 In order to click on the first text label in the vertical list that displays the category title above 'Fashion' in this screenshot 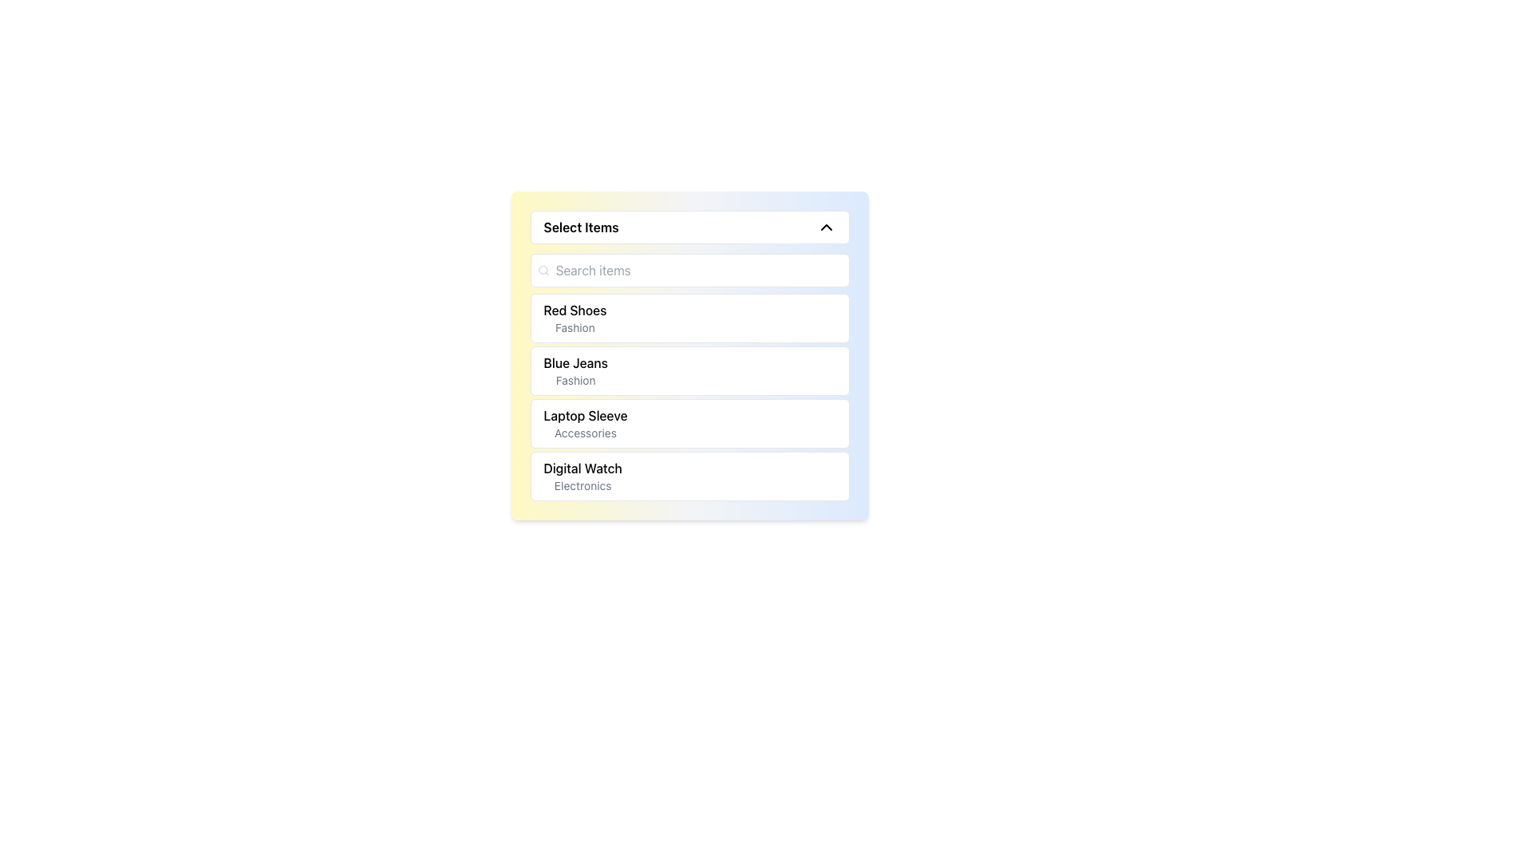, I will do `click(574, 310)`.